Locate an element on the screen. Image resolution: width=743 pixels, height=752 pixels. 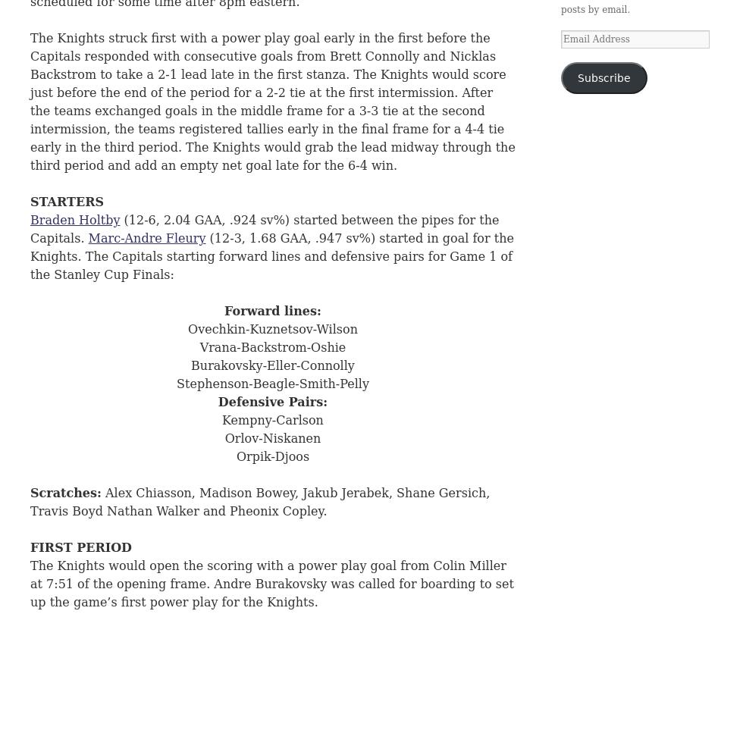
'TARTERS' is located at coordinates (71, 201).